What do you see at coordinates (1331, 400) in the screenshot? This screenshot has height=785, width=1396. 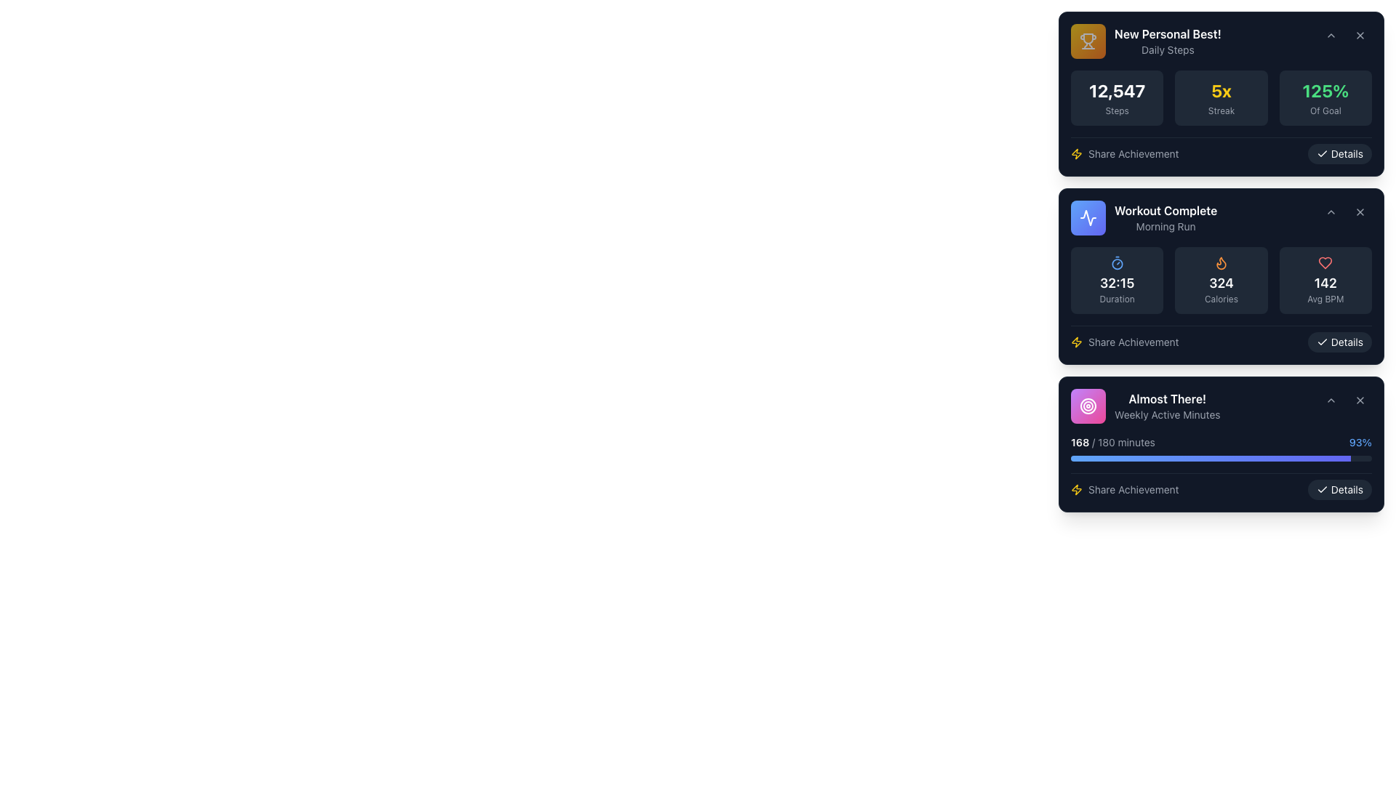 I see `the toggle button with an upward chevron icon located in the top-right corner of the 'Almost There! Weekly Active Minutes' card` at bounding box center [1331, 400].